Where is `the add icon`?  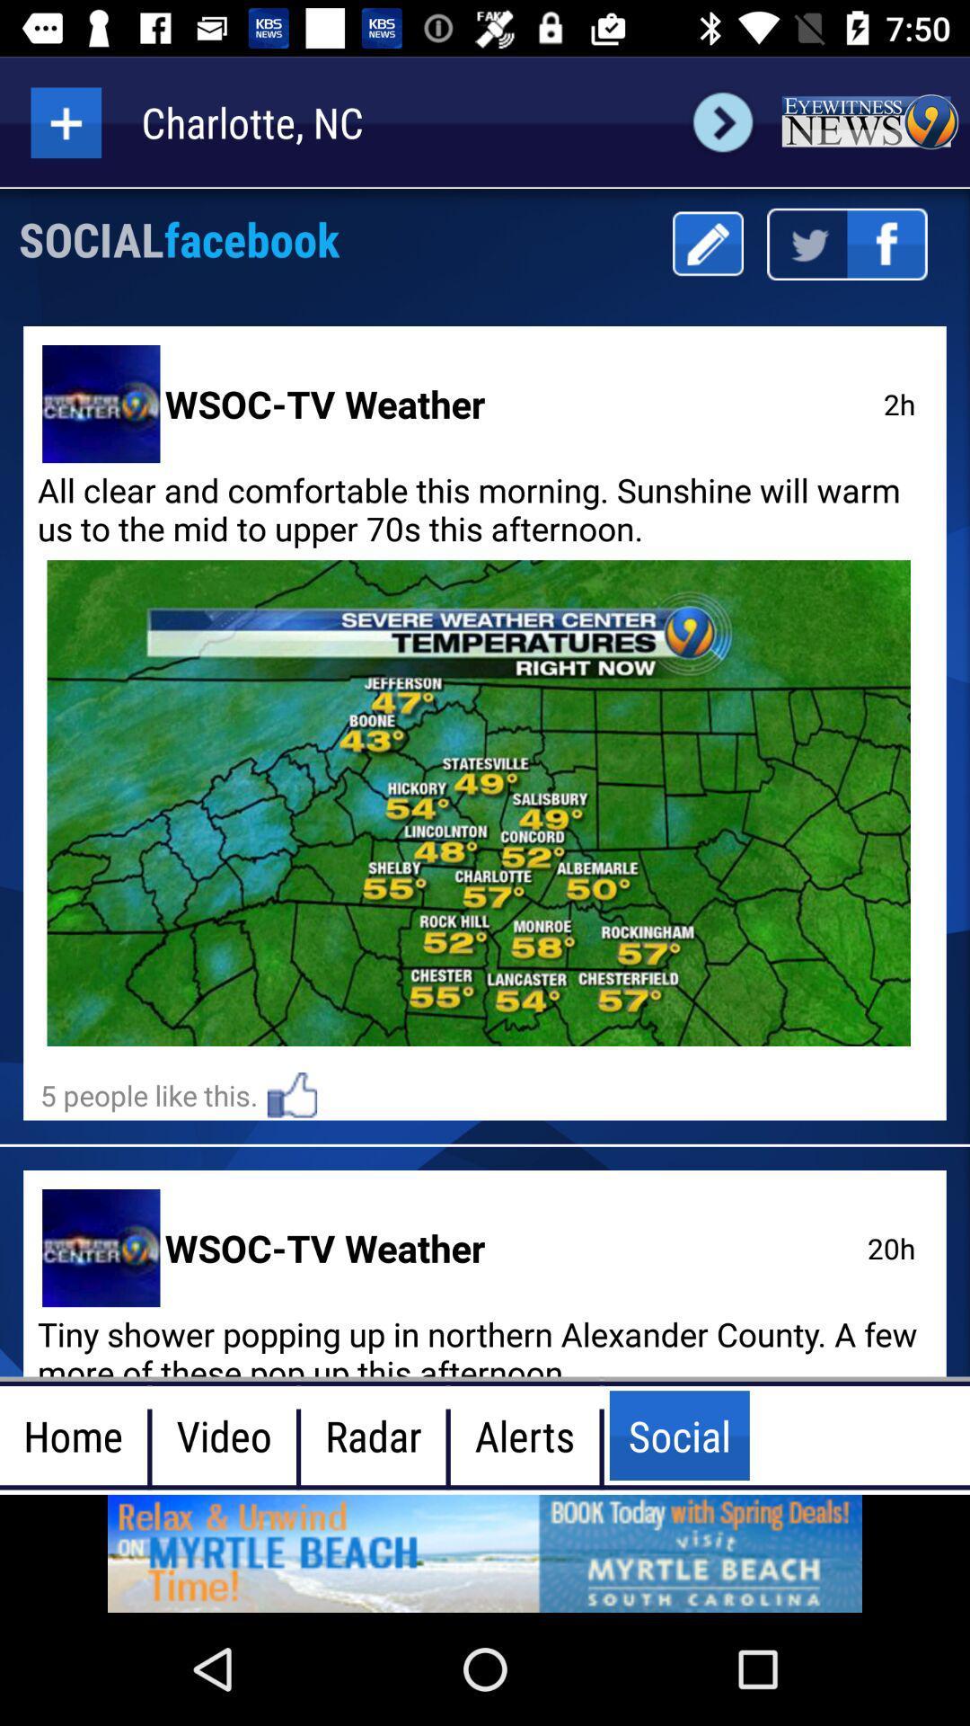
the add icon is located at coordinates (65, 121).